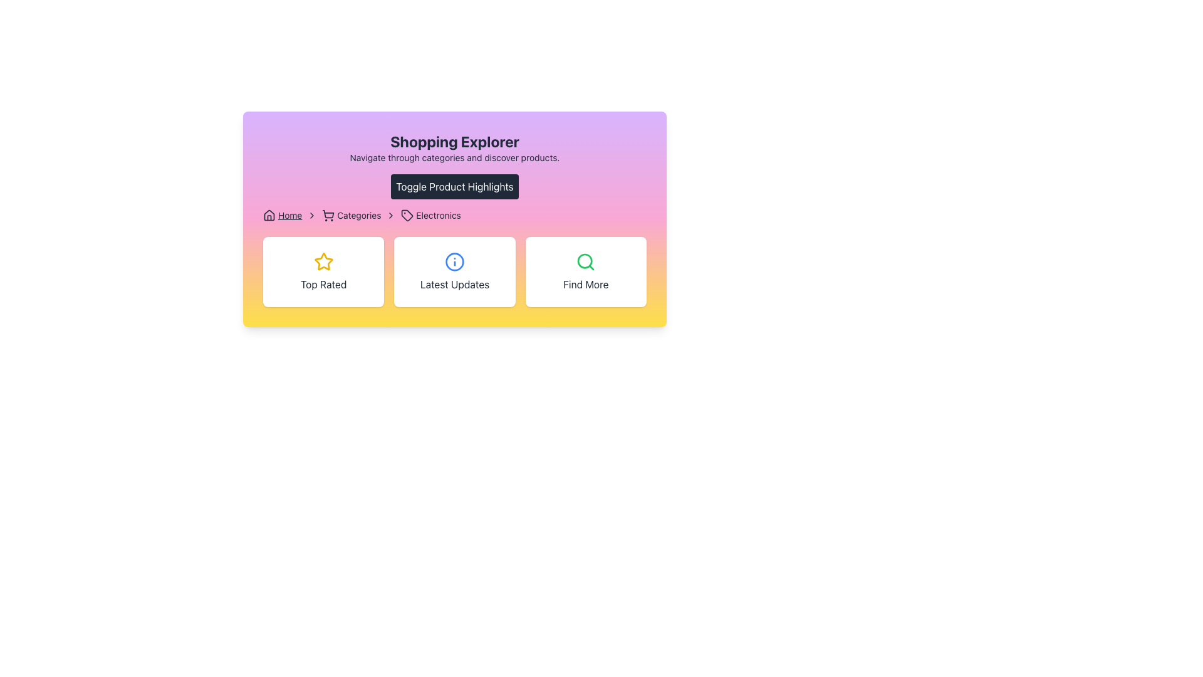 The height and width of the screenshot is (677, 1203). What do you see at coordinates (328, 213) in the screenshot?
I see `the central part of the shopping cart icon in the breadcrumb navigation, which is a decorative visual element representing a shopping cart` at bounding box center [328, 213].